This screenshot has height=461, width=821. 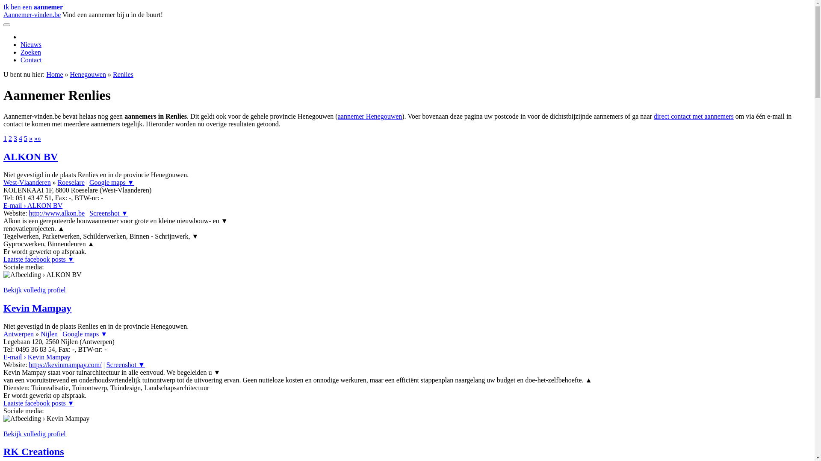 What do you see at coordinates (54, 74) in the screenshot?
I see `'Home'` at bounding box center [54, 74].